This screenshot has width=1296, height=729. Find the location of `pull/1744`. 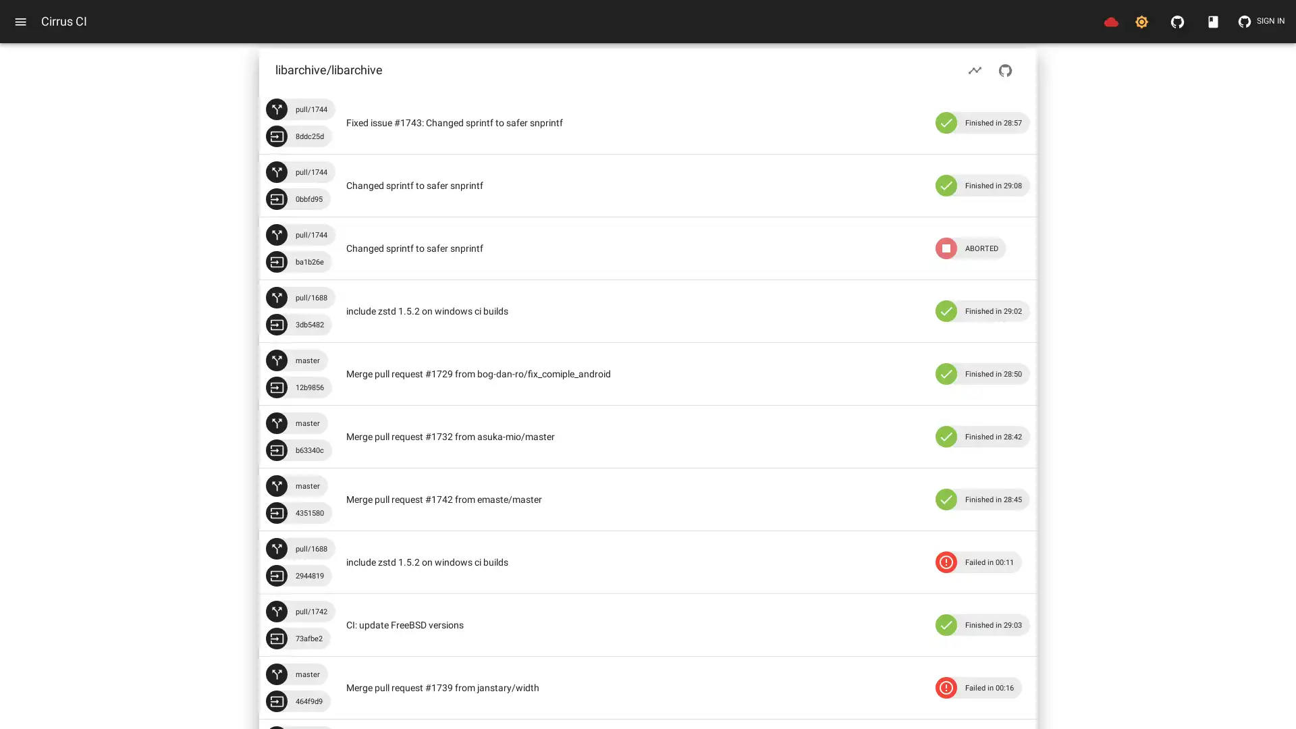

pull/1744 is located at coordinates (300, 234).